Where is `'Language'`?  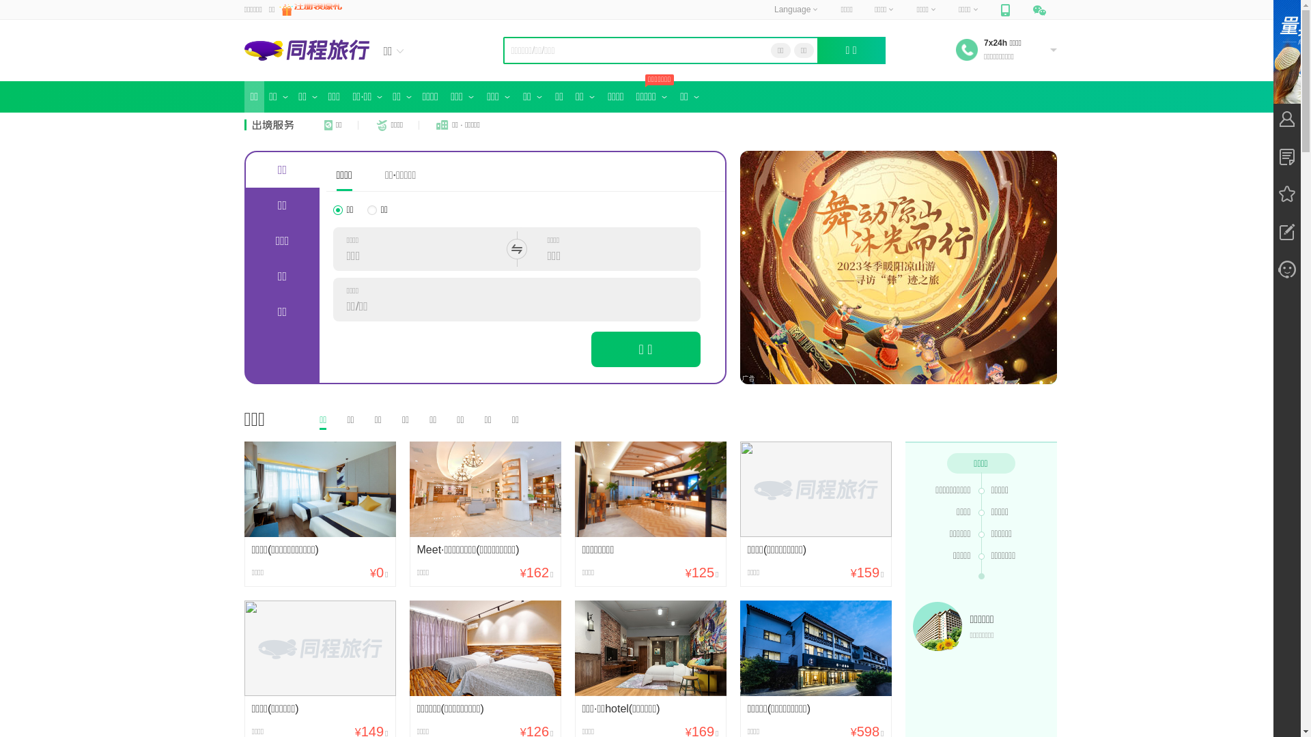
'Language' is located at coordinates (763, 10).